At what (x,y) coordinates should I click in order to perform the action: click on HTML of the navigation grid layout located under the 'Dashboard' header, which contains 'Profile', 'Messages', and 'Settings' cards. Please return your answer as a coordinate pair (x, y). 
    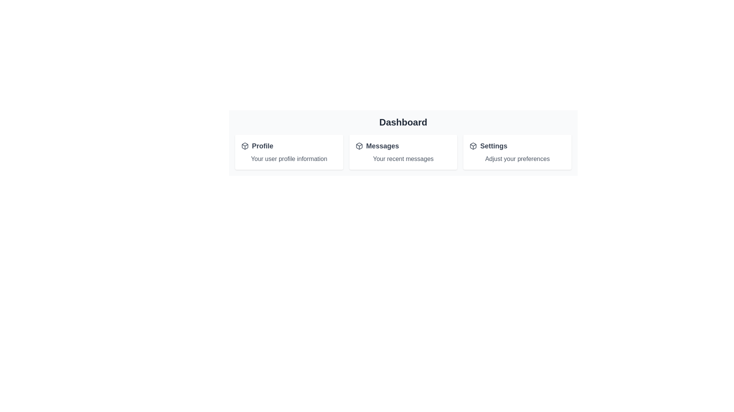
    Looking at the image, I should click on (403, 152).